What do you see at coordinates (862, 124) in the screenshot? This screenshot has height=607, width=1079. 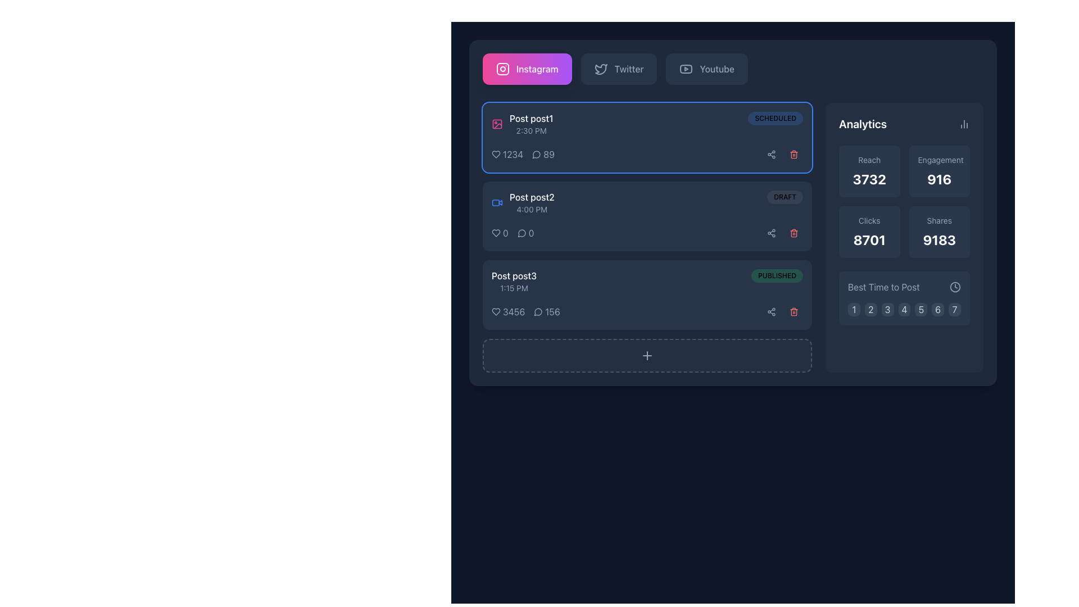 I see `the 'Analytics' text label displayed in large, bold, white font at the top-right corner of the analytics panel` at bounding box center [862, 124].